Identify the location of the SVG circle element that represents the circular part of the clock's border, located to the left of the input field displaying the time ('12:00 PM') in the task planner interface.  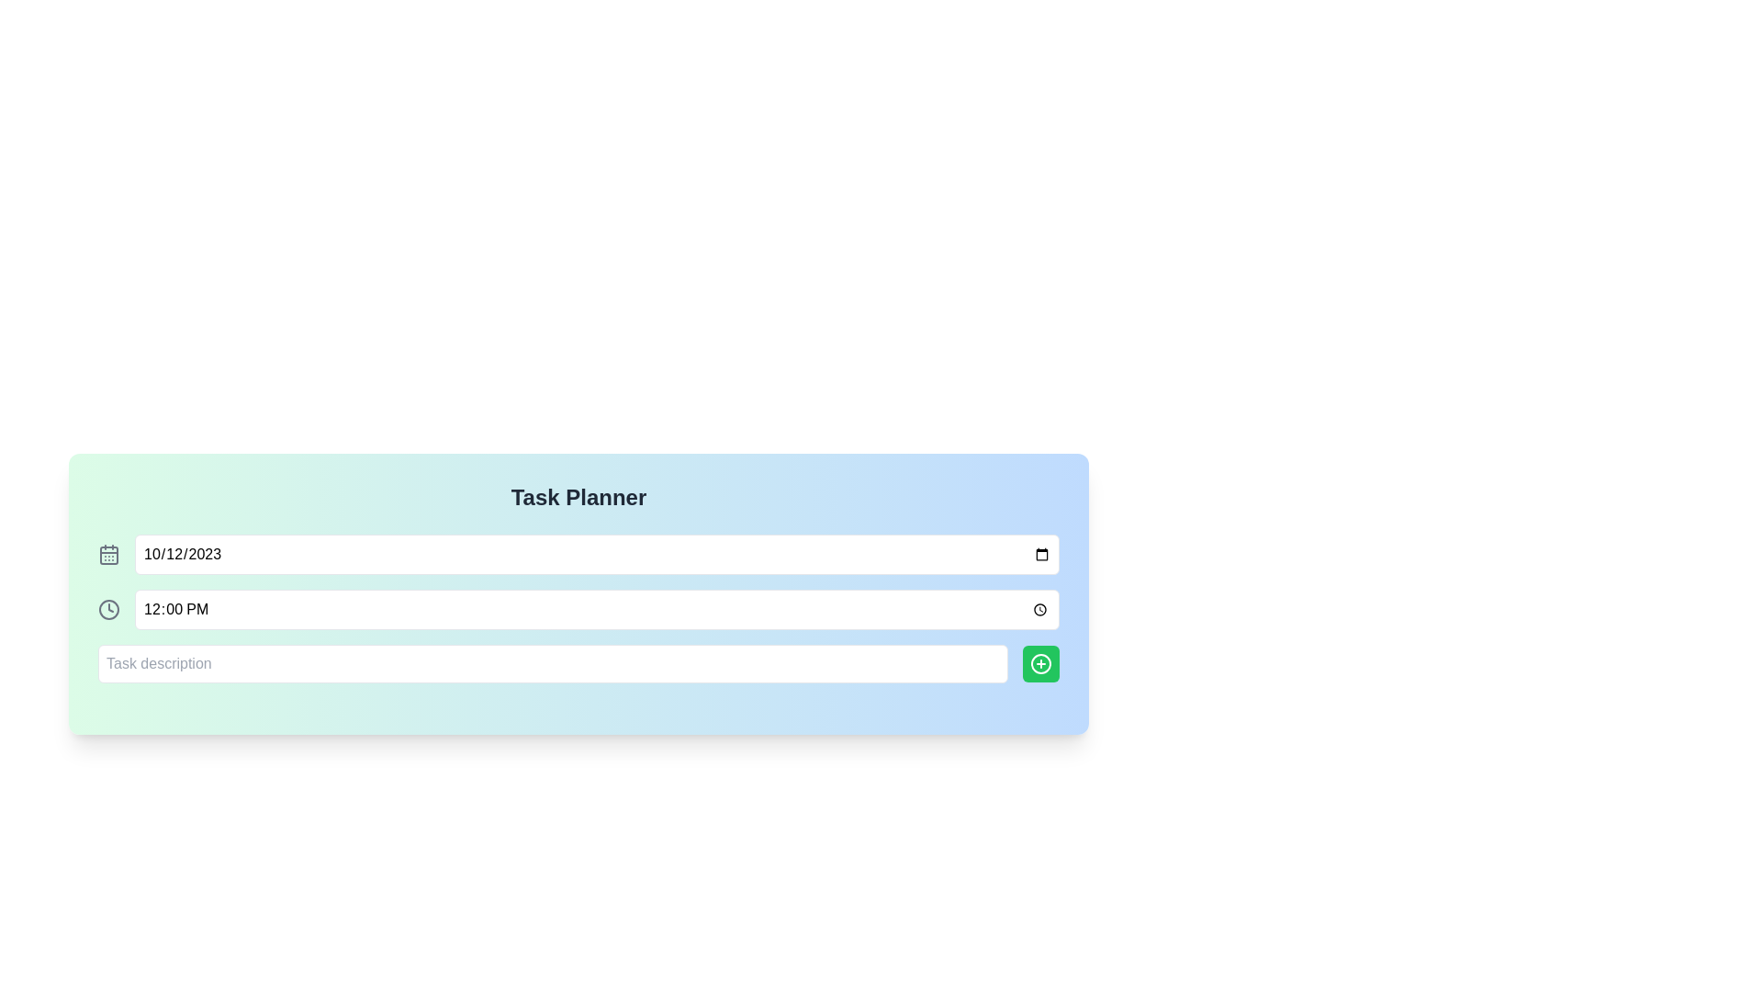
(108, 609).